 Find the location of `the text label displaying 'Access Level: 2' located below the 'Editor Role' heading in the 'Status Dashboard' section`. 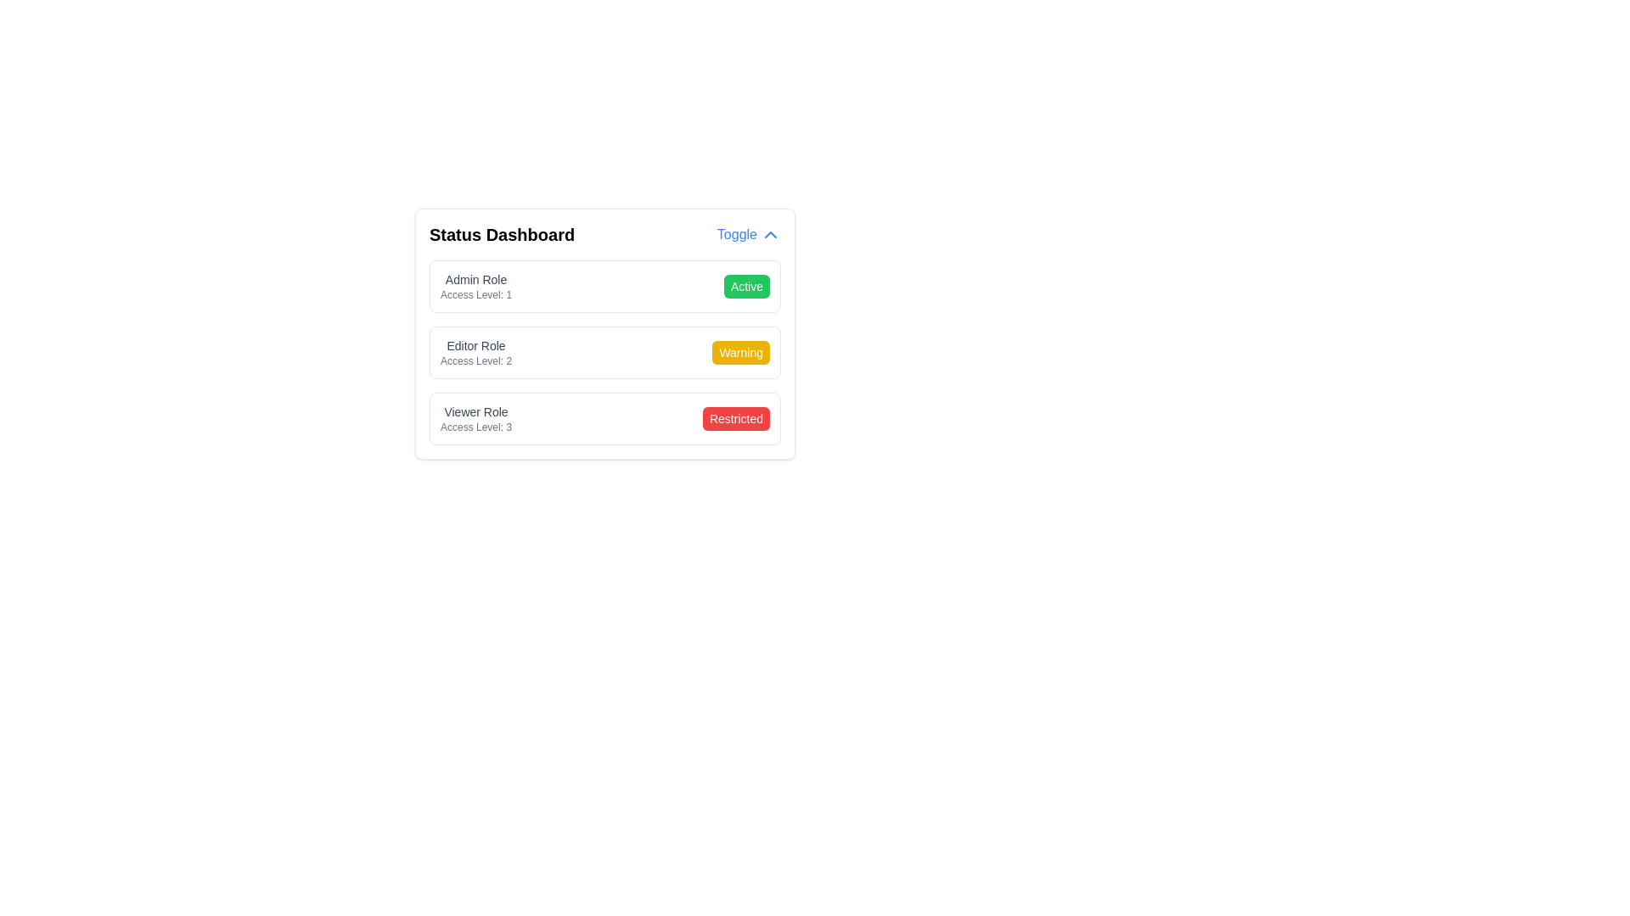

the text label displaying 'Access Level: 2' located below the 'Editor Role' heading in the 'Status Dashboard' section is located at coordinates (475, 360).